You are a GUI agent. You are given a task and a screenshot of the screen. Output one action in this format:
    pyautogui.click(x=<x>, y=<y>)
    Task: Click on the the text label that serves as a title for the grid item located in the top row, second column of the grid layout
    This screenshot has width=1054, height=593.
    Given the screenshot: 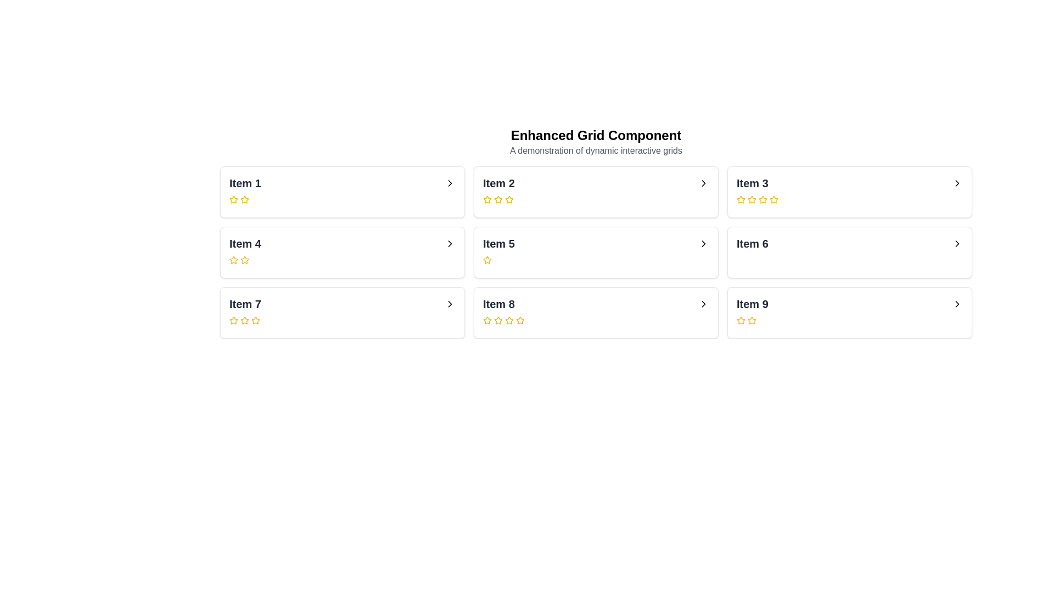 What is the action you would take?
    pyautogui.click(x=498, y=183)
    